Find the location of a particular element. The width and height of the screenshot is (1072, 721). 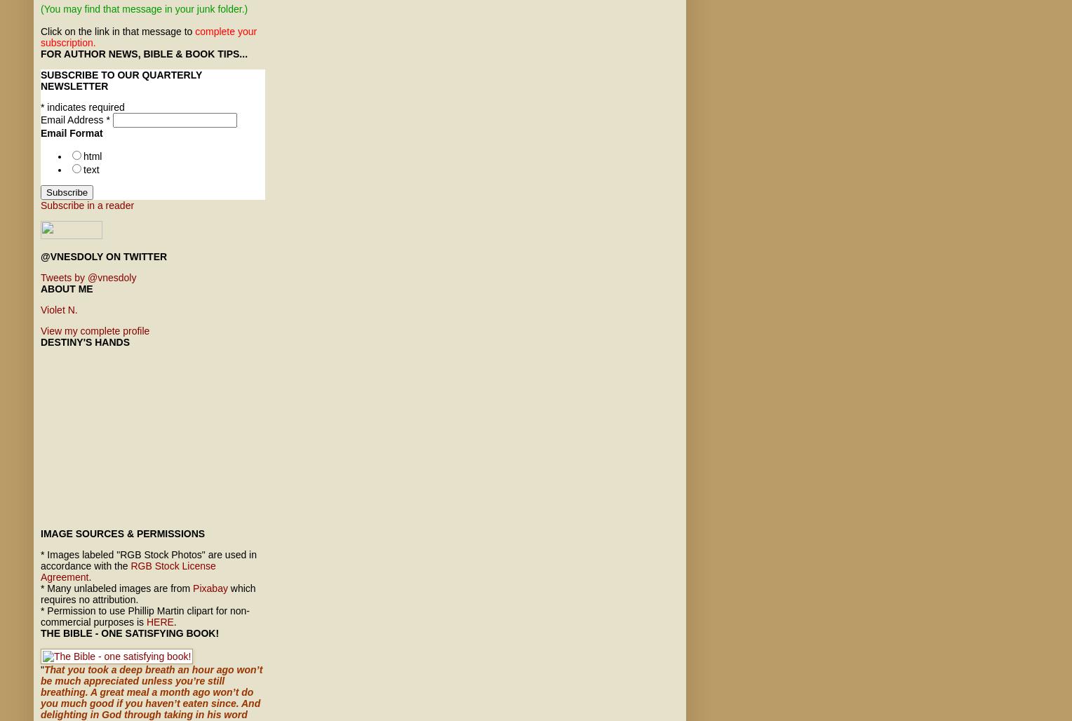

'complete your subscription.' is located at coordinates (41, 37).